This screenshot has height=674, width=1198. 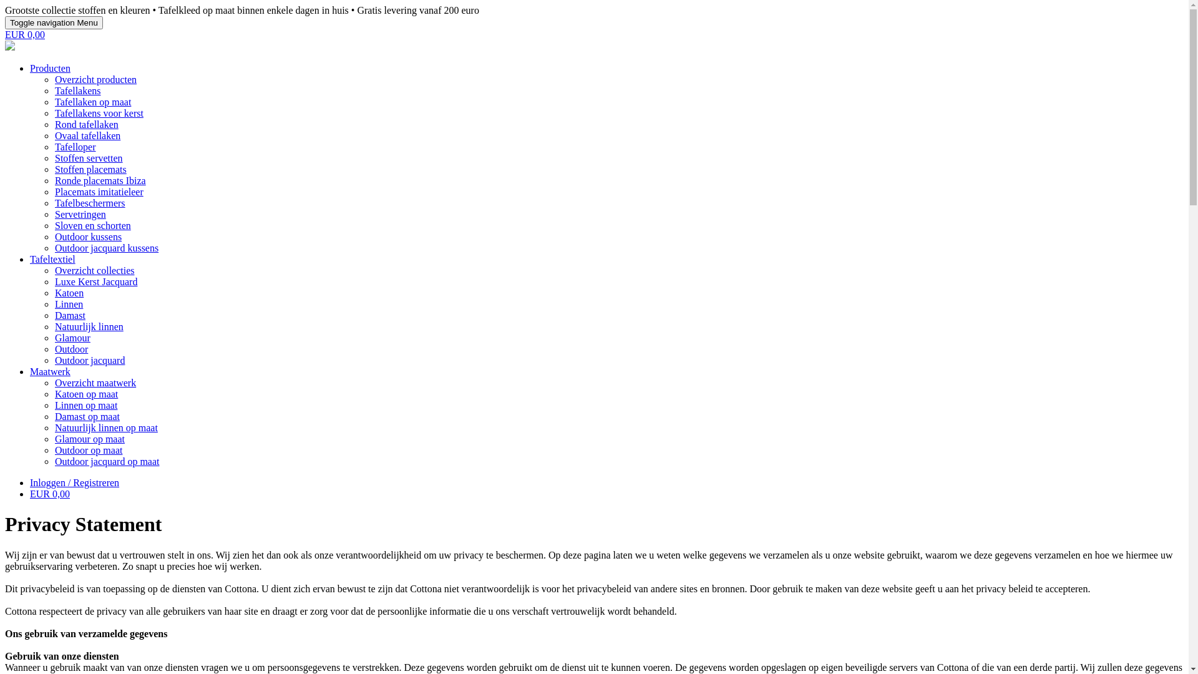 I want to click on 'Tafellaken op maat', so click(x=92, y=101).